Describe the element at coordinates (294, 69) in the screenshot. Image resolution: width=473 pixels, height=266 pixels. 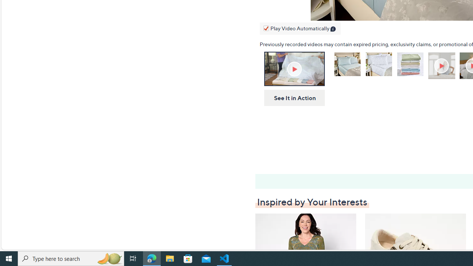
I see `'On-Air Presentation'` at that location.